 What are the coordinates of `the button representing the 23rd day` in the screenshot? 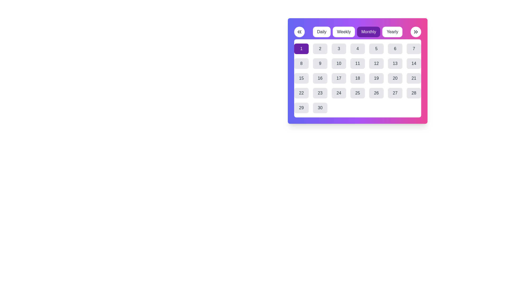 It's located at (320, 93).